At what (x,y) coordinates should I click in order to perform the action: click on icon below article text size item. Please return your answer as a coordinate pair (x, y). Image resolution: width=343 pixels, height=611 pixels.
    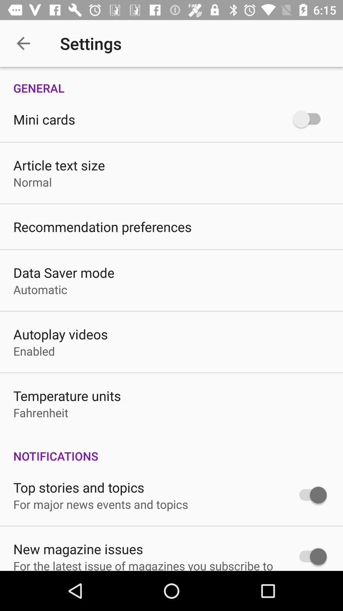
    Looking at the image, I should click on (32, 182).